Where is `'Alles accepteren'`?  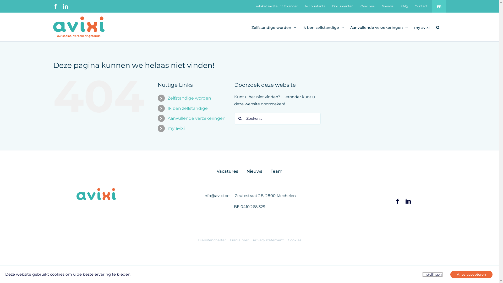
'Alles accepteren' is located at coordinates (450, 274).